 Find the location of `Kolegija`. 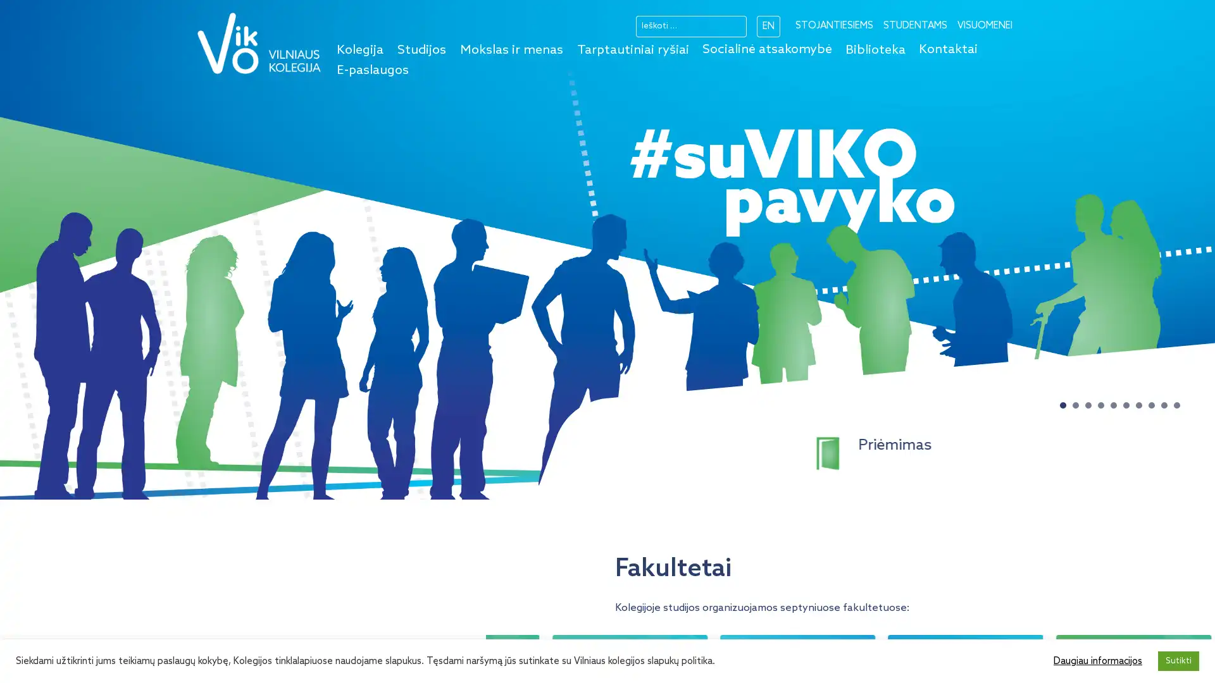

Kolegija is located at coordinates (359, 50).